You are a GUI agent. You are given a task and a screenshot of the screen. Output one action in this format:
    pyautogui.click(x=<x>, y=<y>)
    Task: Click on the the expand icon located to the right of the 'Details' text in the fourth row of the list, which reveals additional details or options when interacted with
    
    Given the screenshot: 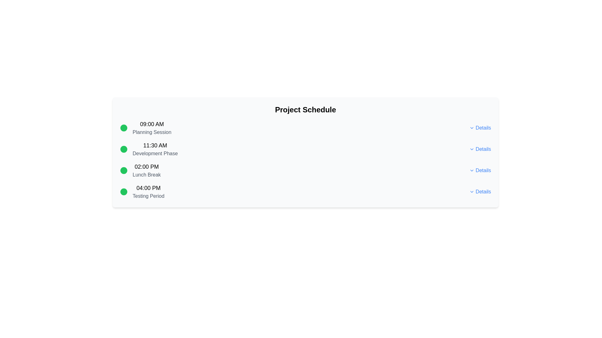 What is the action you would take?
    pyautogui.click(x=472, y=192)
    